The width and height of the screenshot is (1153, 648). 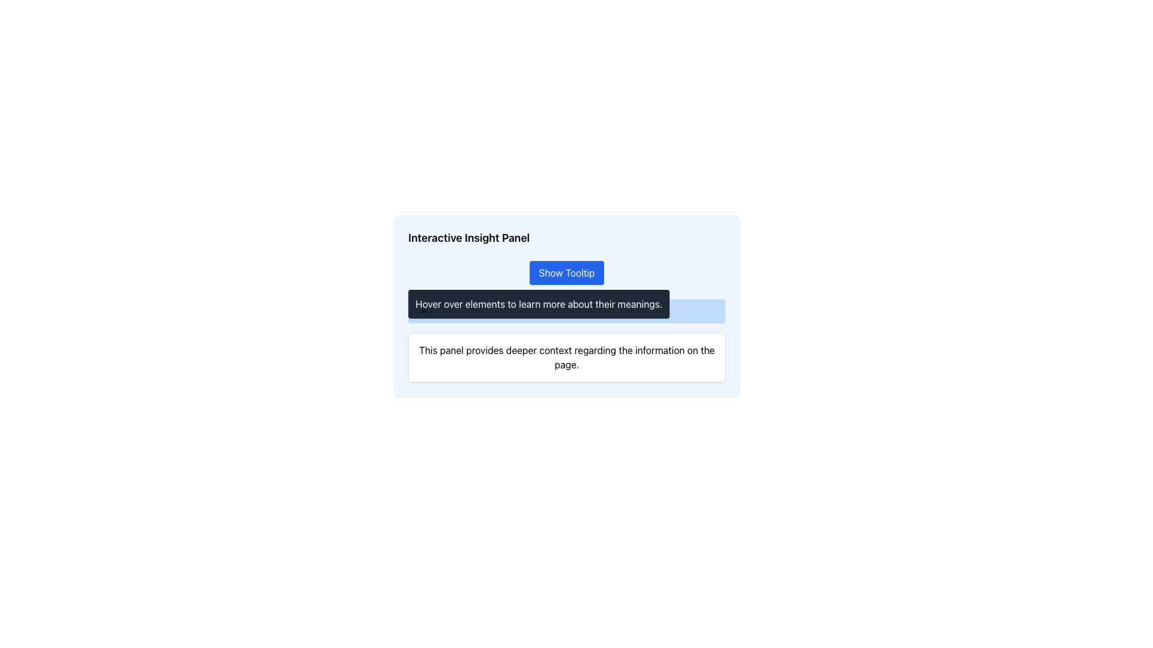 I want to click on the Informational Panel that provides deeper context regarding the information on the page, which is visually distinct with a white background and rounded corners, located at the bottom of the Interactive Insight Panel, so click(x=566, y=340).